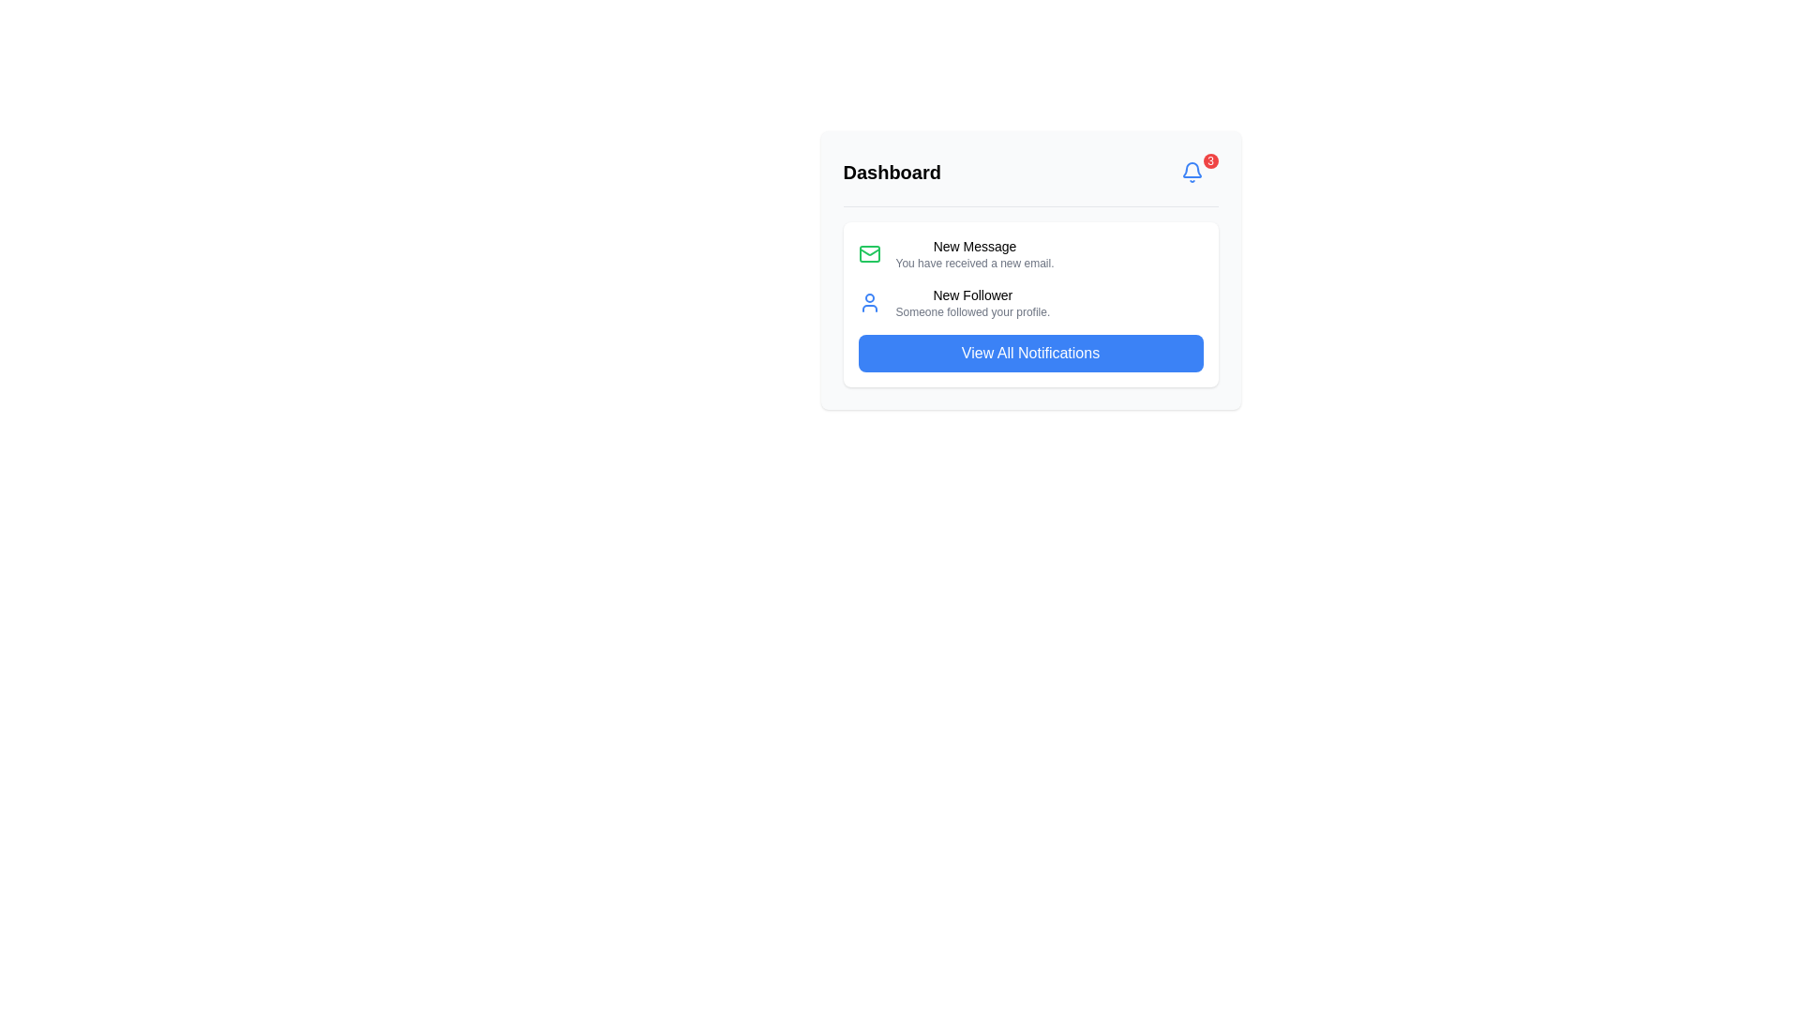 Image resolution: width=1800 pixels, height=1013 pixels. What do you see at coordinates (1029, 354) in the screenshot?
I see `the button located at the bottom of the notification panel` at bounding box center [1029, 354].